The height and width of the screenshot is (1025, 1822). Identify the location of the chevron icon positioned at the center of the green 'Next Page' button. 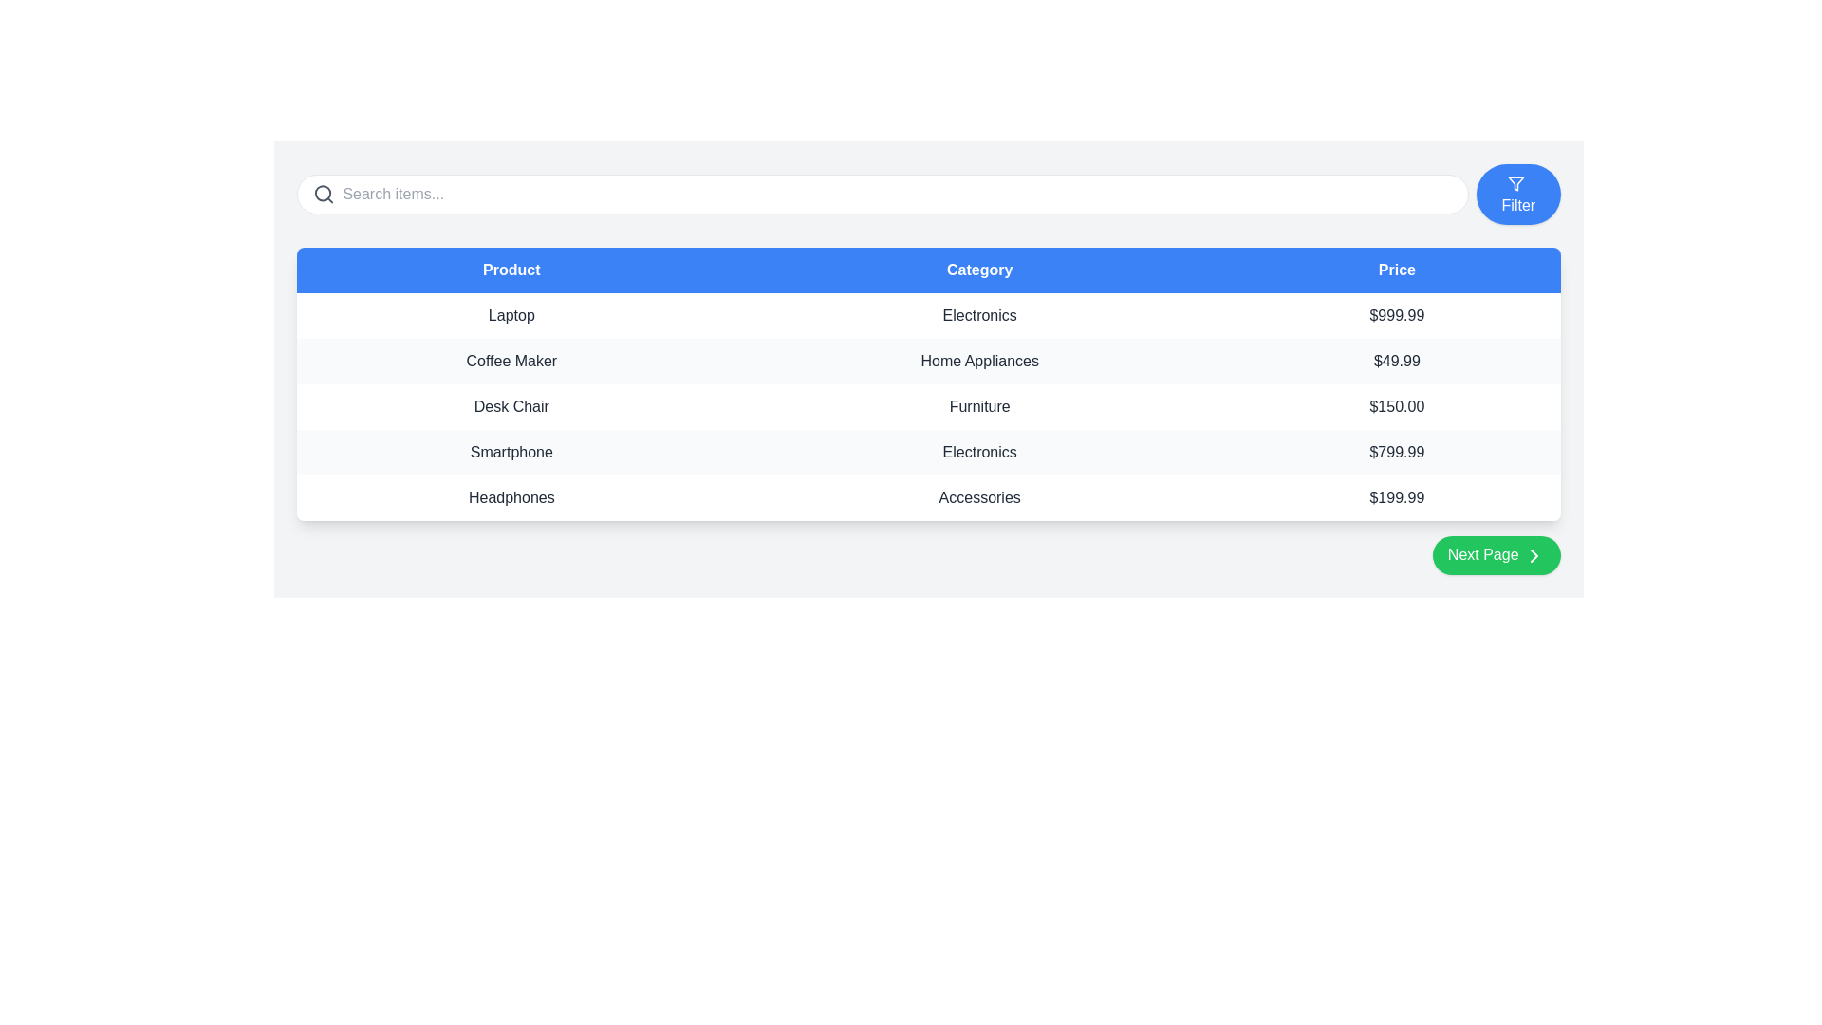
(1534, 555).